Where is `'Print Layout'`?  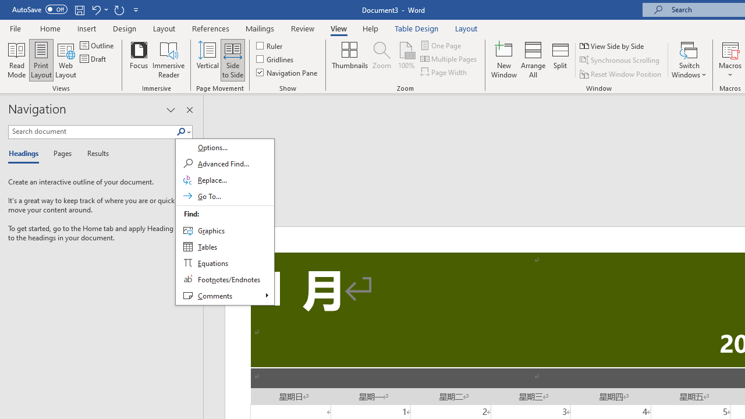
'Print Layout' is located at coordinates (41, 60).